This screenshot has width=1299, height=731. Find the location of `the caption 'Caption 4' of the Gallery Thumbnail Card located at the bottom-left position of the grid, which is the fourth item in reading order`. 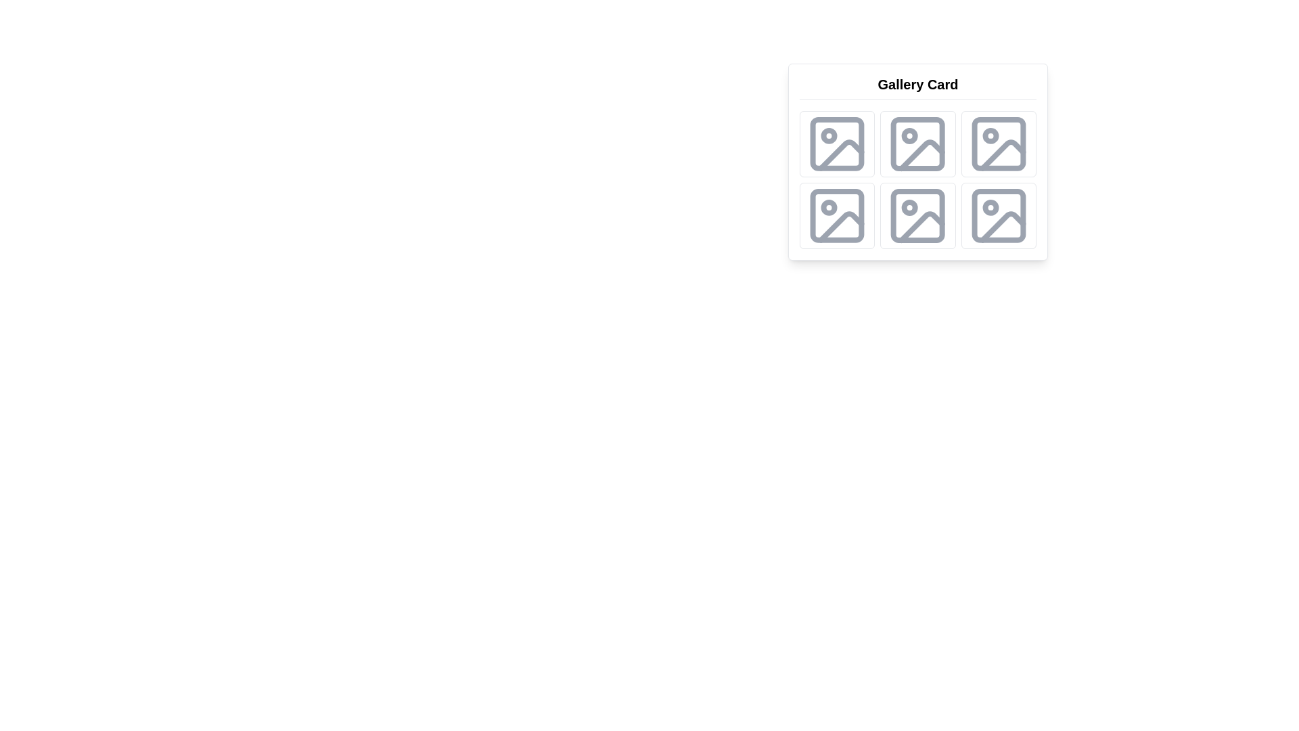

the caption 'Caption 4' of the Gallery Thumbnail Card located at the bottom-left position of the grid, which is the fourth item in reading order is located at coordinates (836, 215).